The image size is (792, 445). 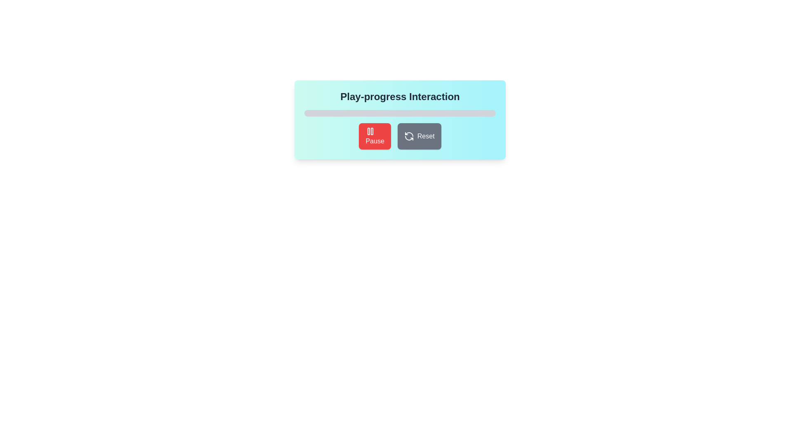 I want to click on the 'Pause' icon located on the left side of the control panel below the progress bar, so click(x=370, y=131).